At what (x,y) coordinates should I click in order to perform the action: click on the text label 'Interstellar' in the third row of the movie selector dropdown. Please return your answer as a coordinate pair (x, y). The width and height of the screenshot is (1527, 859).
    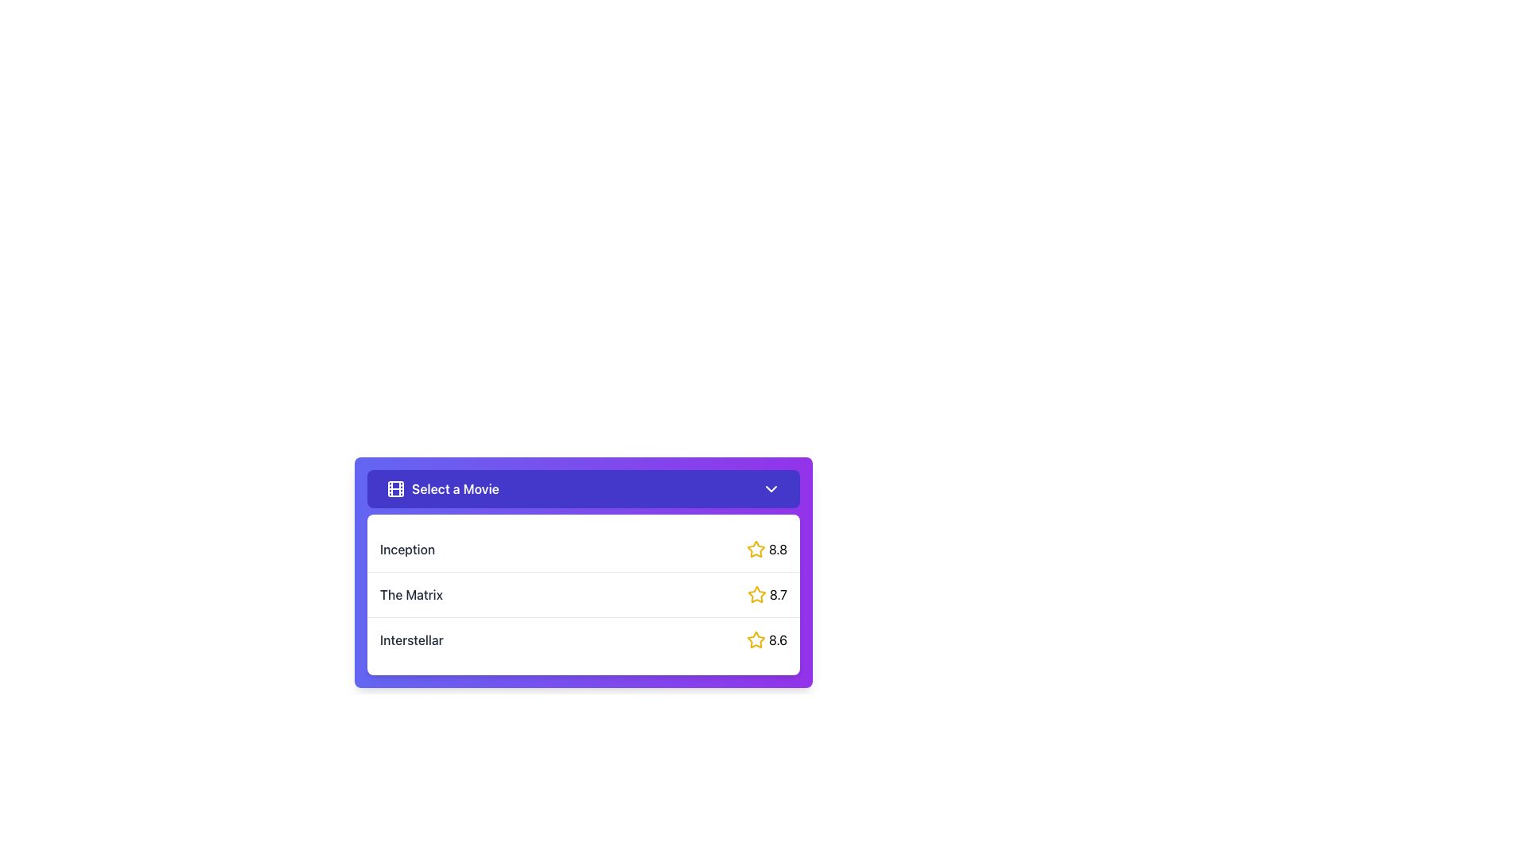
    Looking at the image, I should click on (411, 639).